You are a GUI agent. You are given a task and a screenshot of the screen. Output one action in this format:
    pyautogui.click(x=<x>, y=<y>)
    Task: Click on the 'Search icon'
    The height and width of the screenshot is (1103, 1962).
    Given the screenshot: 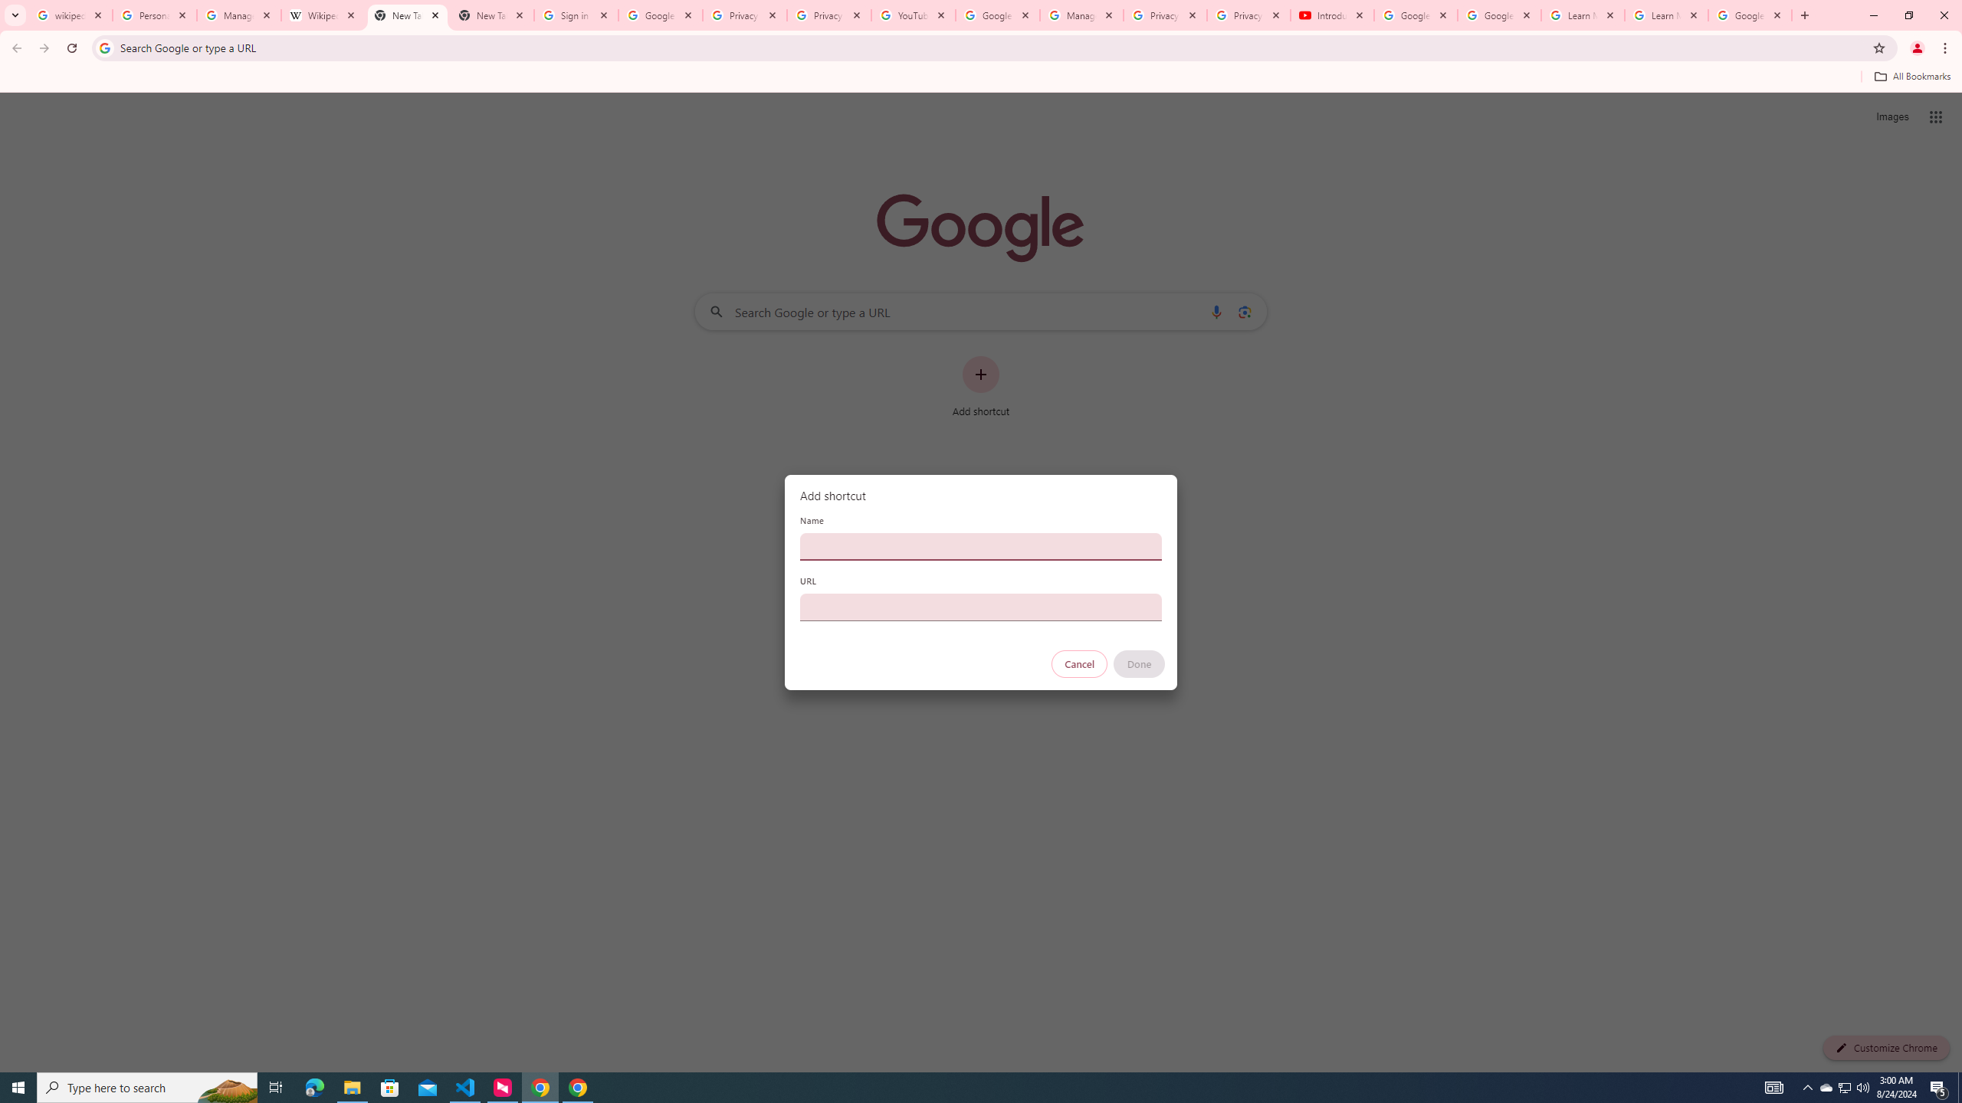 What is the action you would take?
    pyautogui.click(x=103, y=47)
    